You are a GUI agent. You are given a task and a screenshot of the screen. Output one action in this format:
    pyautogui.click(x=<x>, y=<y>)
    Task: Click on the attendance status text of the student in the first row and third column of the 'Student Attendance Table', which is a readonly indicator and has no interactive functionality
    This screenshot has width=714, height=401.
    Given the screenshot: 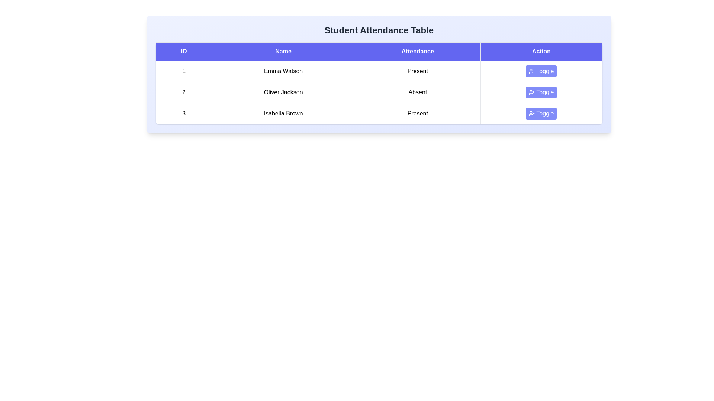 What is the action you would take?
    pyautogui.click(x=418, y=71)
    